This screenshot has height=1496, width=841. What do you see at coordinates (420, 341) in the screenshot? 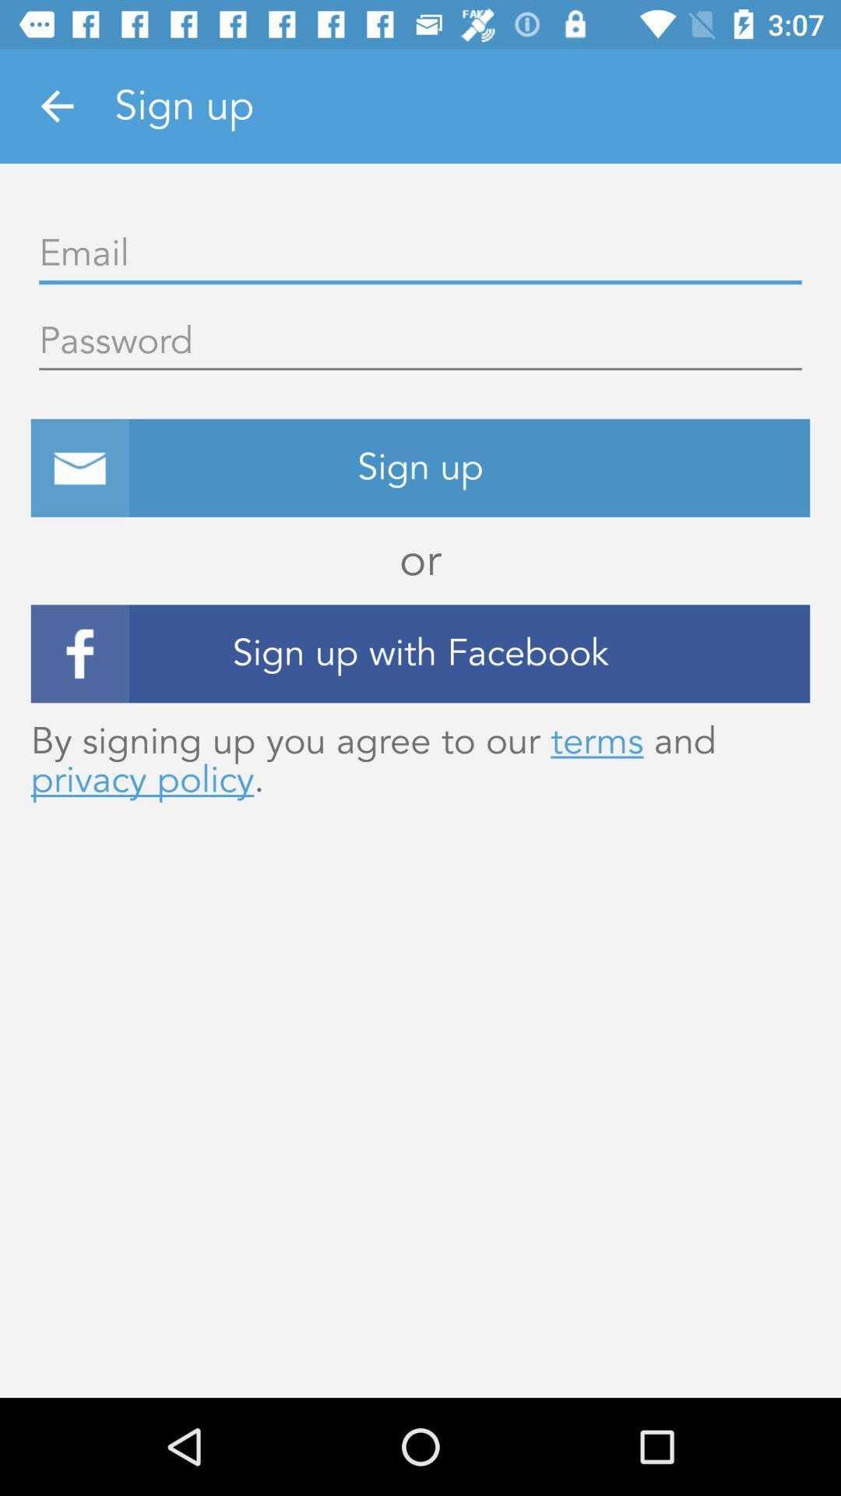
I see `password` at bounding box center [420, 341].